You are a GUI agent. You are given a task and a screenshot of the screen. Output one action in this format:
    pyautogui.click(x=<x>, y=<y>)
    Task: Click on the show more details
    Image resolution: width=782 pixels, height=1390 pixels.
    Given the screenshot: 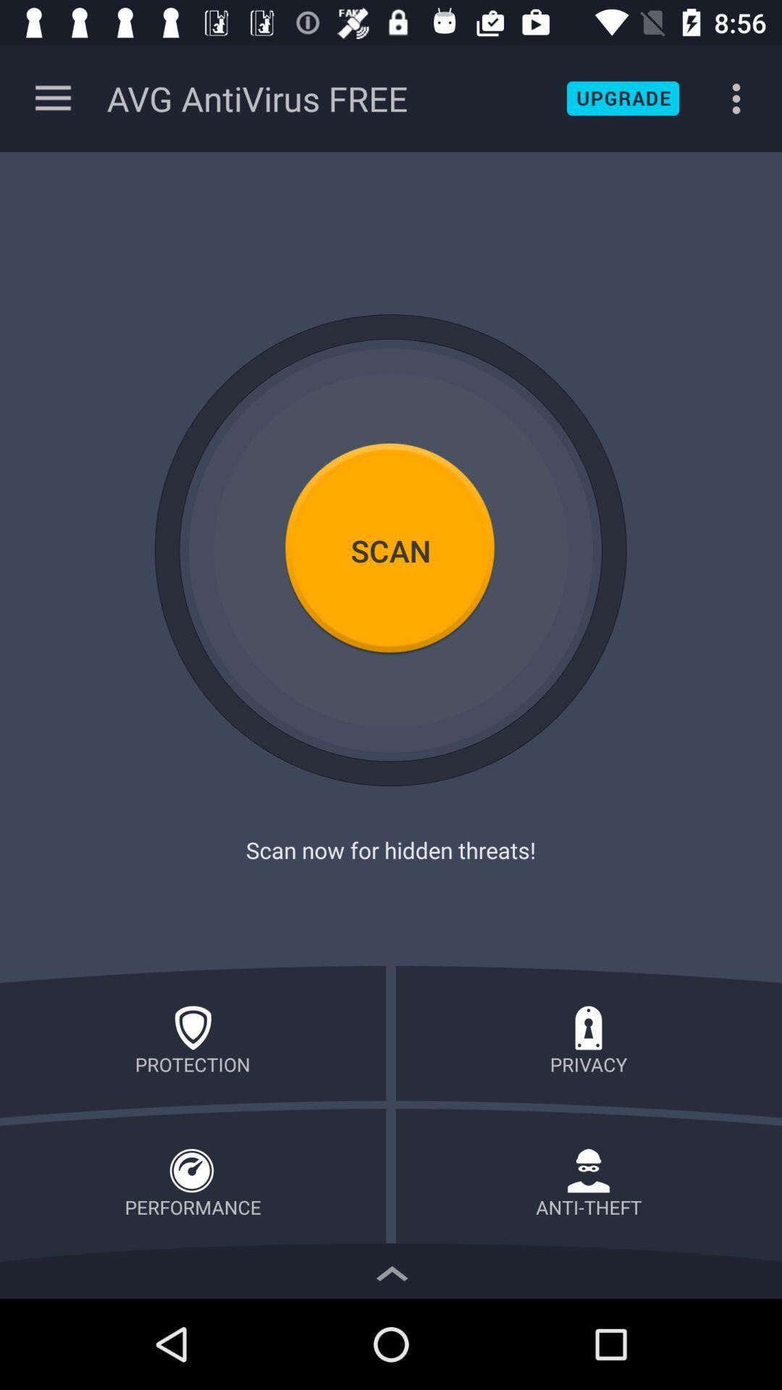 What is the action you would take?
    pyautogui.click(x=391, y=1269)
    